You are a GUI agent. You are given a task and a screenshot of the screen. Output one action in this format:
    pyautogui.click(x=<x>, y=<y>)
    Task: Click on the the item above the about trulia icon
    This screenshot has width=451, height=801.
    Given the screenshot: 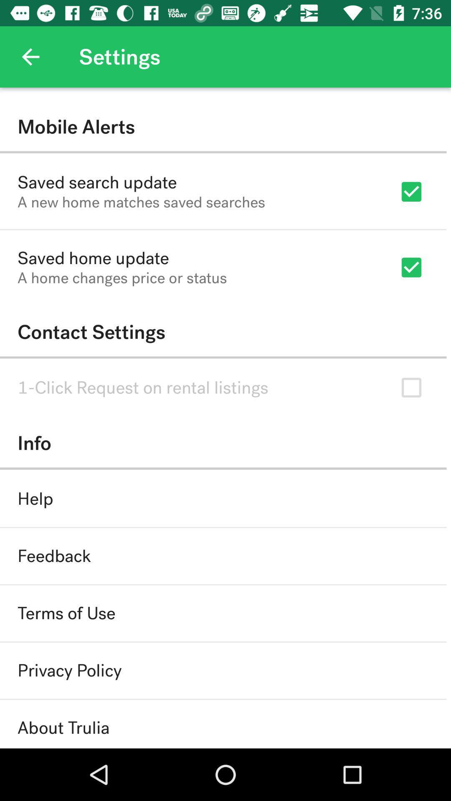 What is the action you would take?
    pyautogui.click(x=69, y=670)
    